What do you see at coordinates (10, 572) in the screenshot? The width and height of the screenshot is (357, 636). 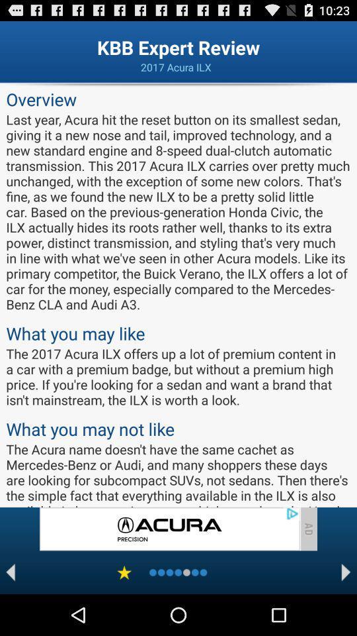 I see `go back` at bounding box center [10, 572].